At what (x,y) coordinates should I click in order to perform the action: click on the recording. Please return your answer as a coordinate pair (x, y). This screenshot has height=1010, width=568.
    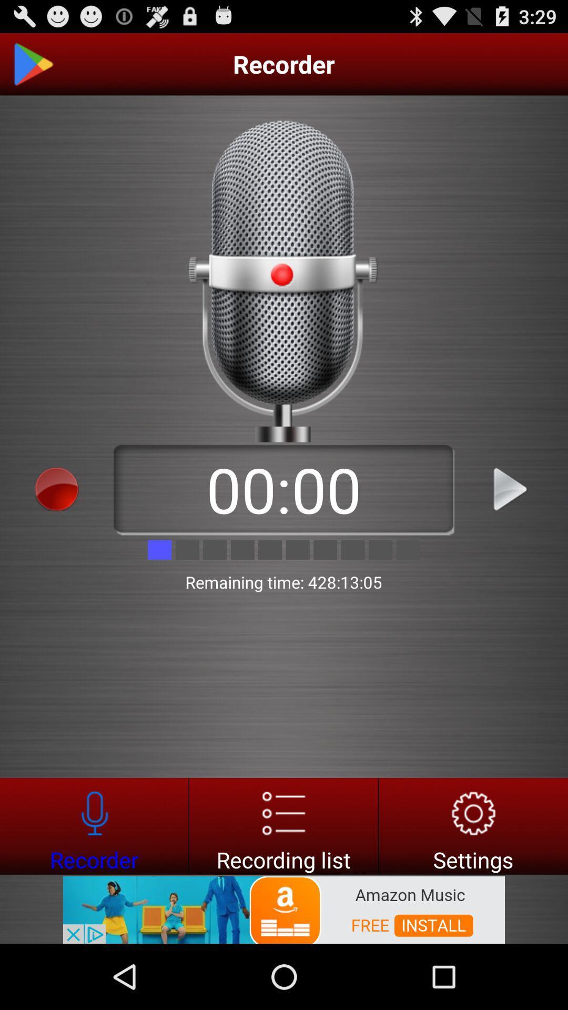
    Looking at the image, I should click on (511, 489).